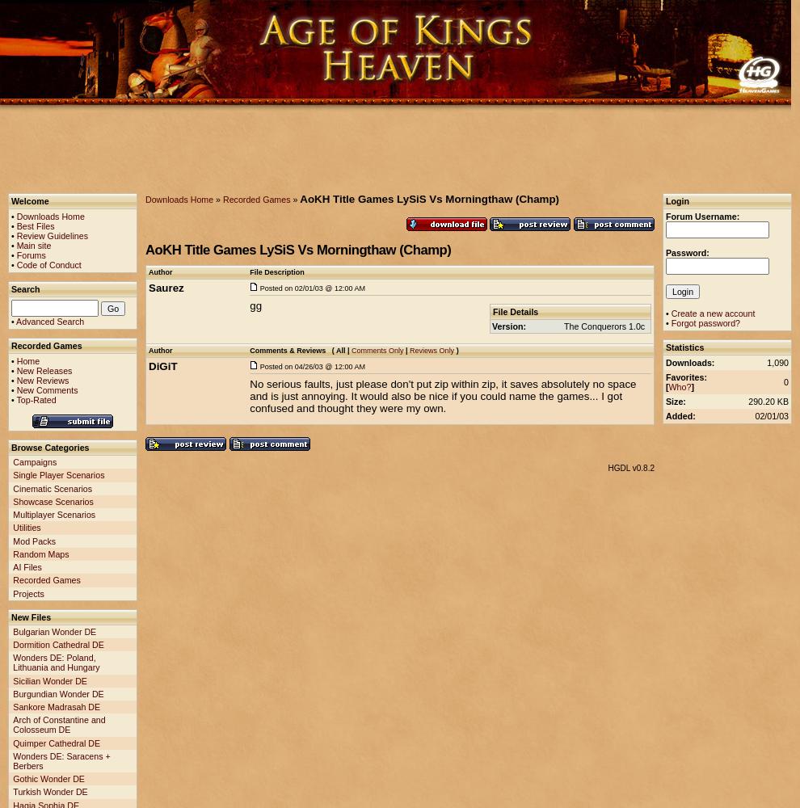  I want to click on 'Random Maps', so click(40, 553).